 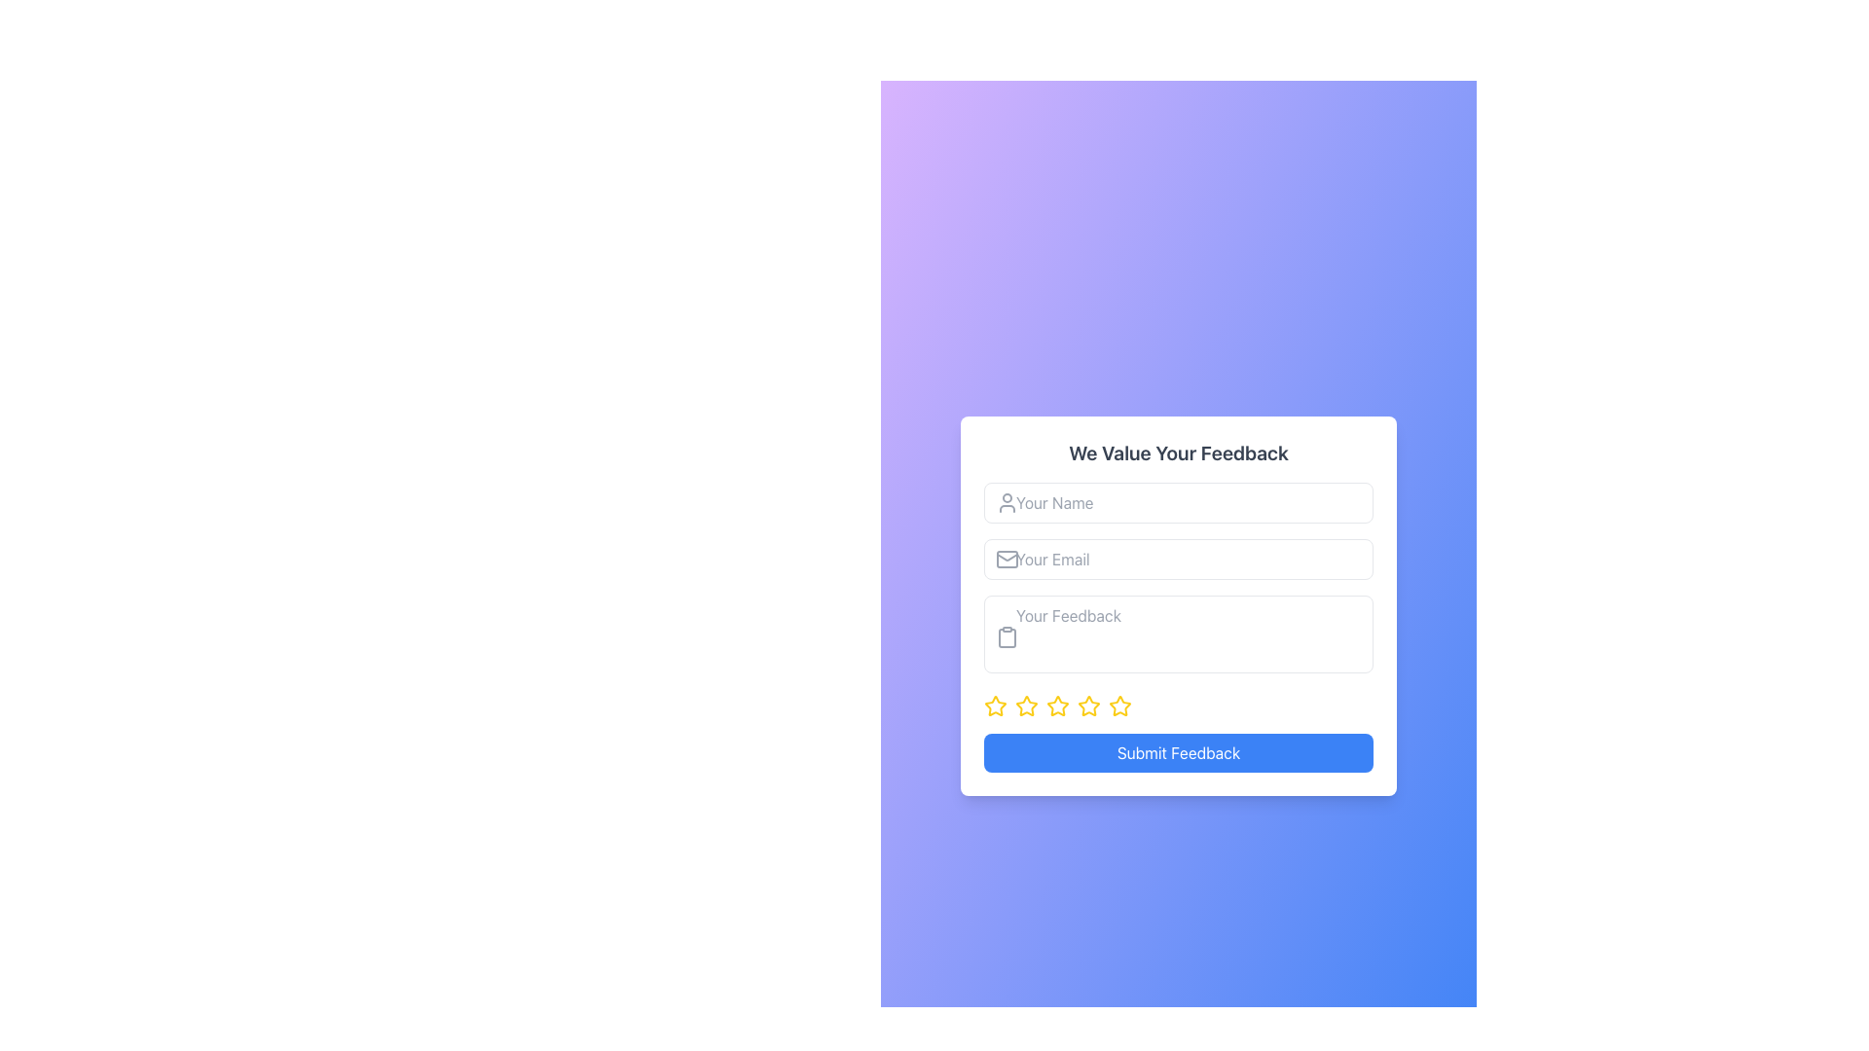 I want to click on the decorative SVG icon located inside the left portion of the 'Your Feedback' text input field to visually reinforce its purpose, so click(x=1008, y=637).